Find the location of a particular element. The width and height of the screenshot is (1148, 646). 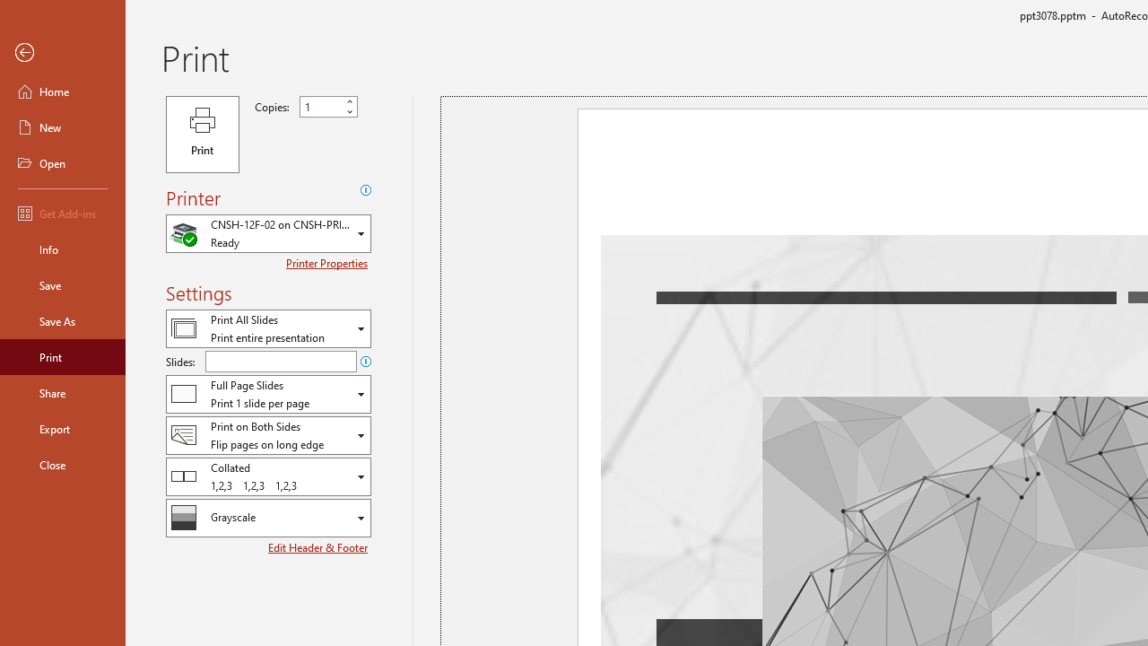

'Copies' is located at coordinates (328, 107).